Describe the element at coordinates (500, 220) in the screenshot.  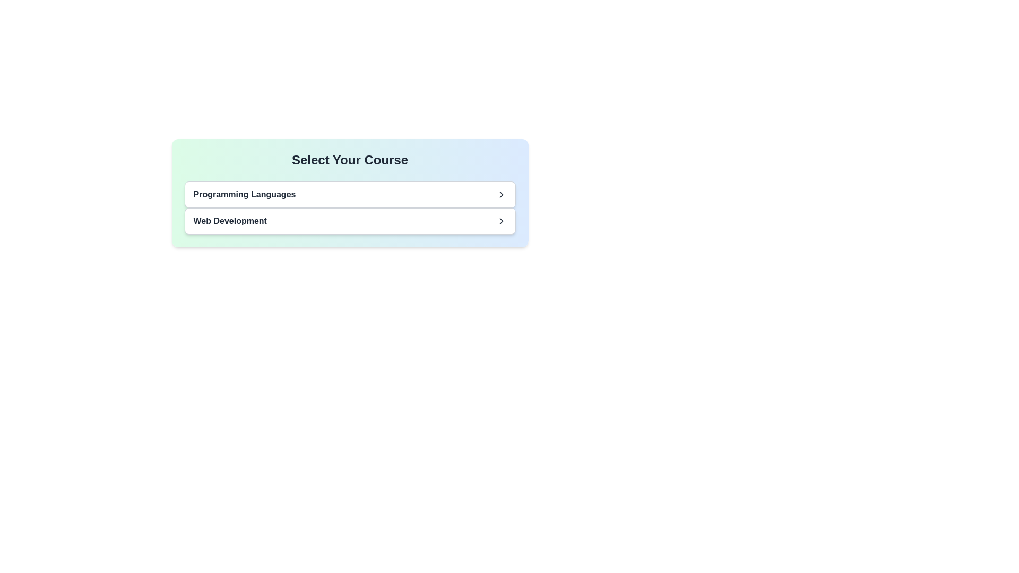
I see `the right-facing chevron icon on the 'Web Development' button to proceed` at that location.